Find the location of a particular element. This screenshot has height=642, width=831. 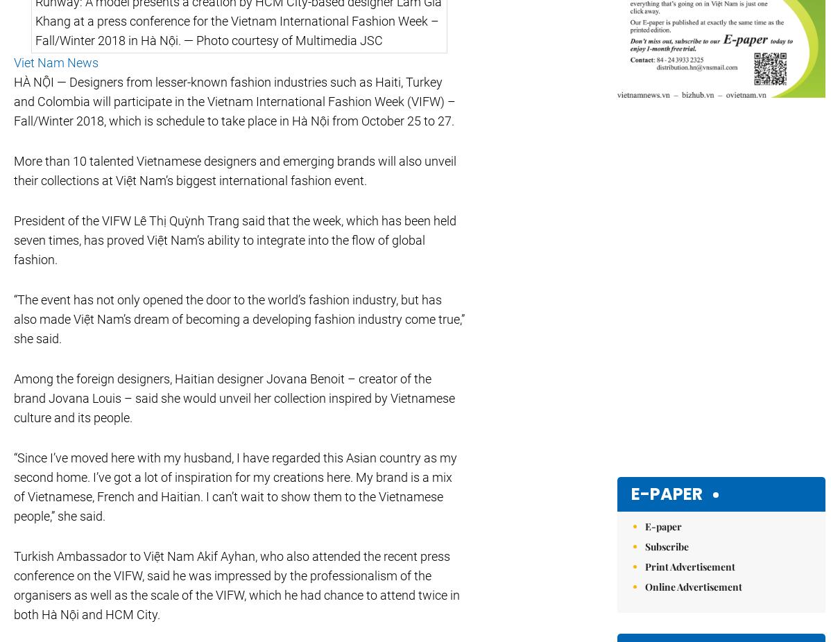

'close' is located at coordinates (719, 527).